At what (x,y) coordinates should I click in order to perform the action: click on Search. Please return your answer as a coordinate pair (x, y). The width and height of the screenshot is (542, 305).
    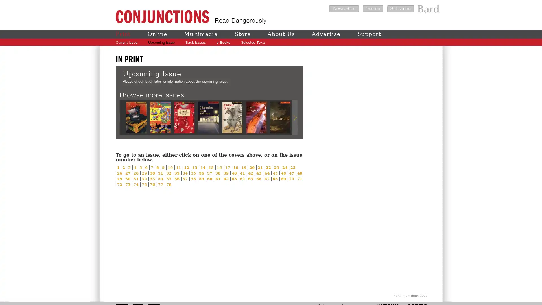
    Looking at the image, I should click on (424, 42).